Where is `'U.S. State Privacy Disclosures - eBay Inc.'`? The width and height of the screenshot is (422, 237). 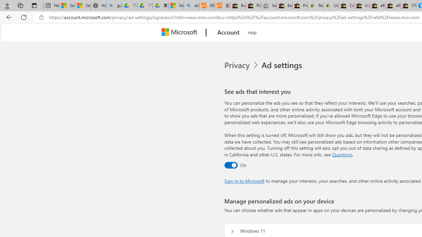 'U.S. State Privacy Disclosures - eBay Inc.' is located at coordinates (362, 6).